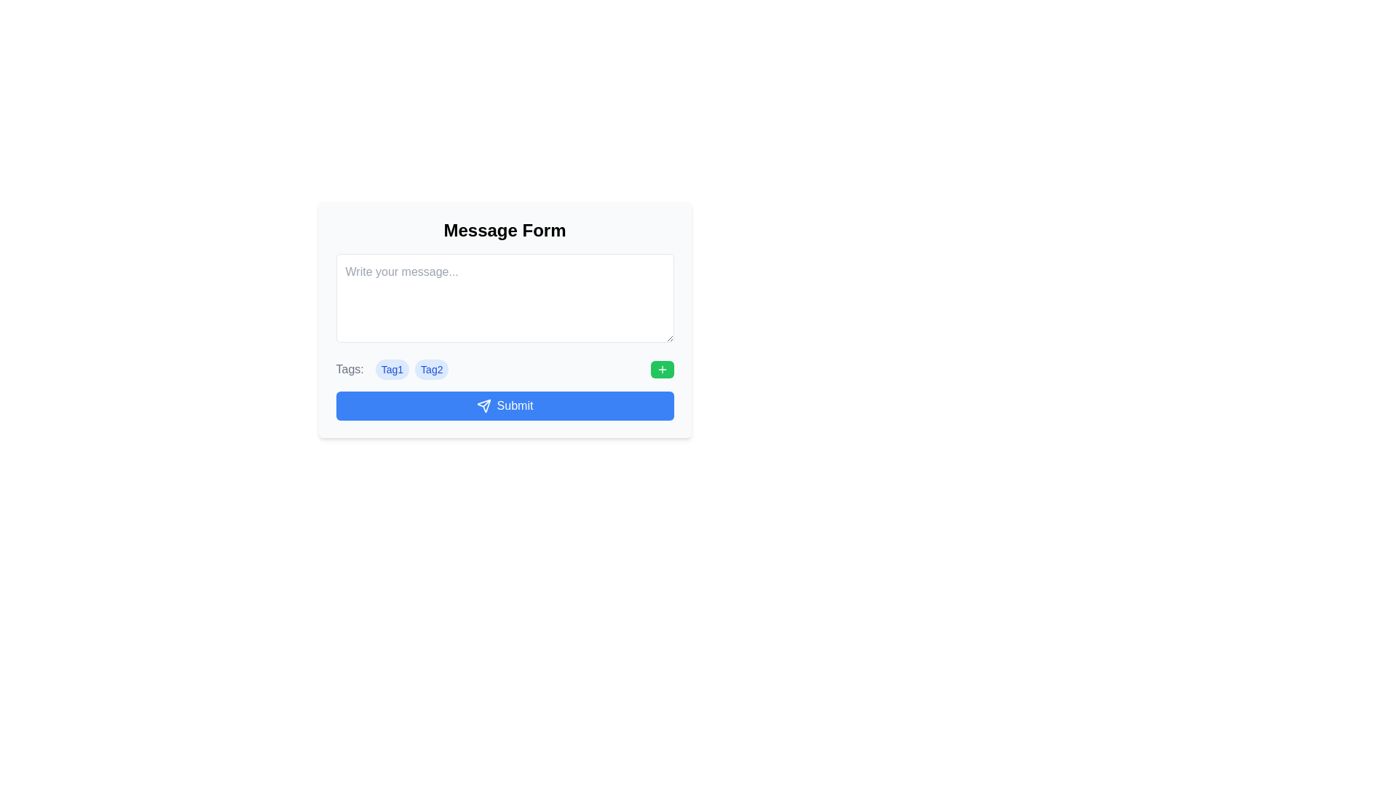 The width and height of the screenshot is (1398, 786). I want to click on the green button with white text and a plus symbol icon located at the rightmost end of the horizontal line containing tags, so click(661, 369).